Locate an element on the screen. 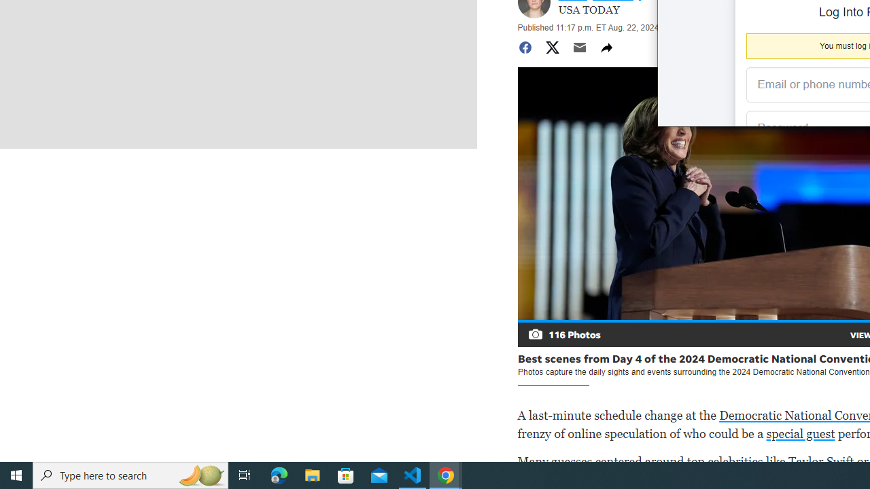  'Task View' is located at coordinates (244, 474).